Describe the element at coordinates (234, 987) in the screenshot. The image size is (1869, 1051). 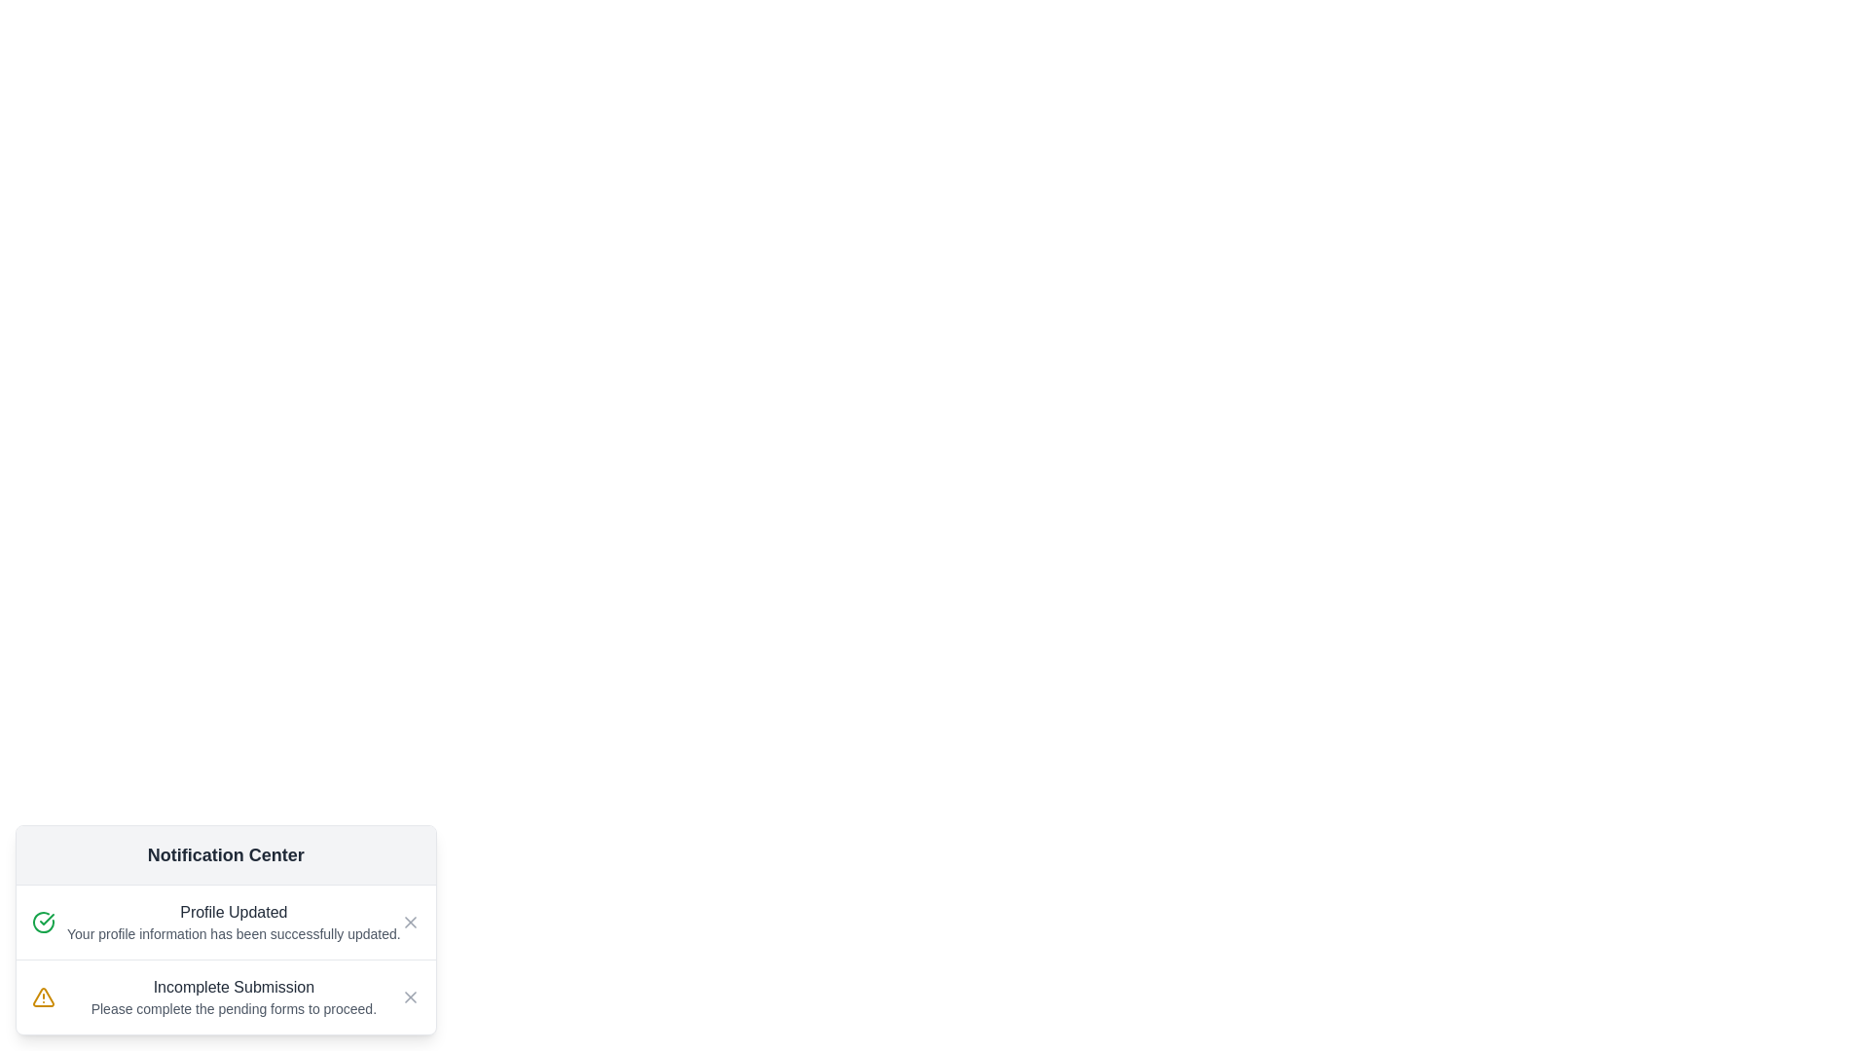
I see `the text label displaying 'Incomplete Submission' in the Notification Center, which is the primary text of the second notification block` at that location.